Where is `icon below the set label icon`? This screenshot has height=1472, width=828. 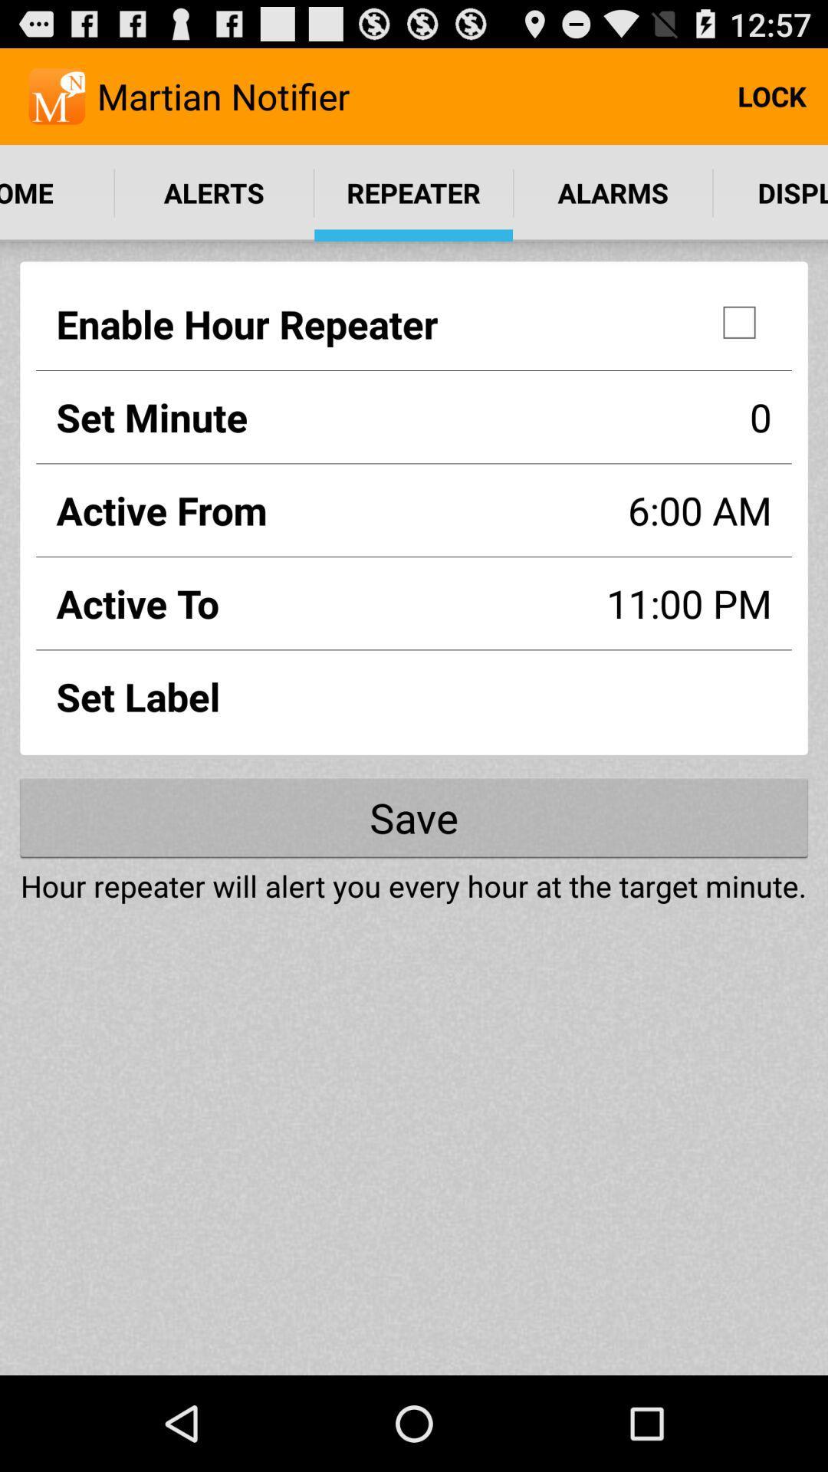
icon below the set label icon is located at coordinates (414, 816).